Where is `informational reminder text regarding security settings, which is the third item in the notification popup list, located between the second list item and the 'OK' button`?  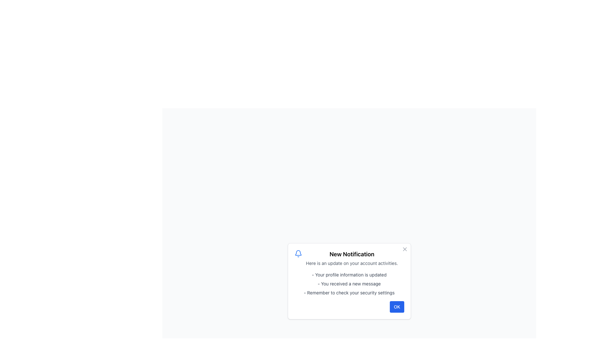 informational reminder text regarding security settings, which is the third item in the notification popup list, located between the second list item and the 'OK' button is located at coordinates (349, 293).